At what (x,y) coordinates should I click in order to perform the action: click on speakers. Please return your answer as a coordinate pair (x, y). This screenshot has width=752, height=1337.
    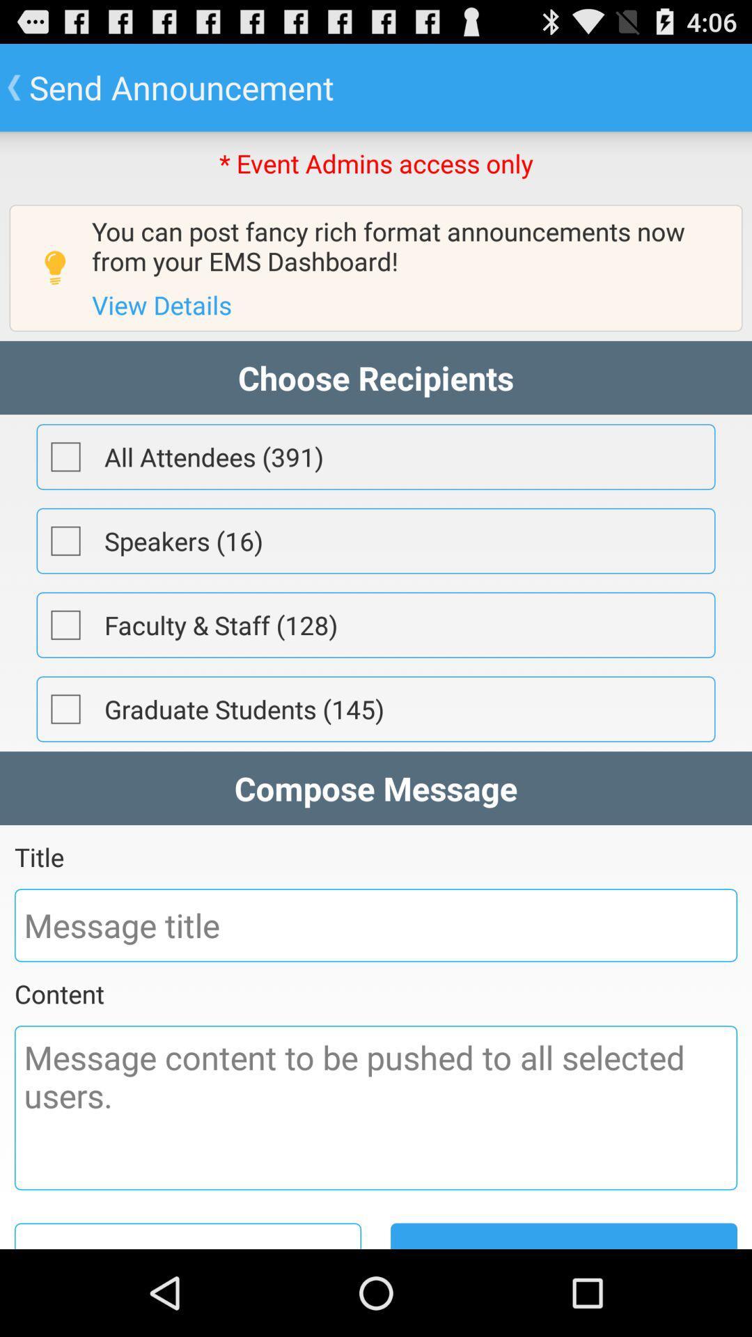
    Looking at the image, I should click on (65, 540).